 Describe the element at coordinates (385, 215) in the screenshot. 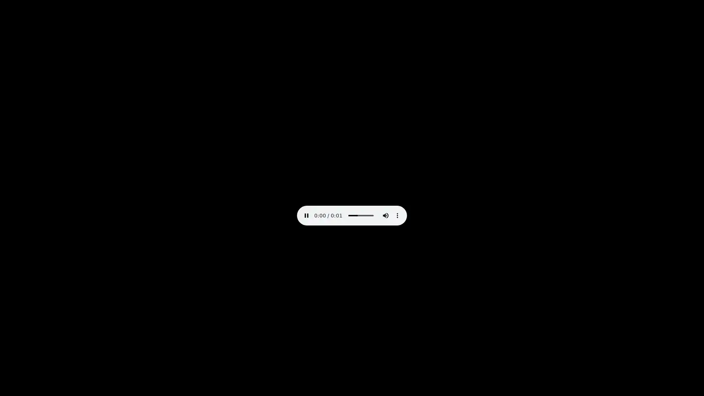

I see `mute` at that location.